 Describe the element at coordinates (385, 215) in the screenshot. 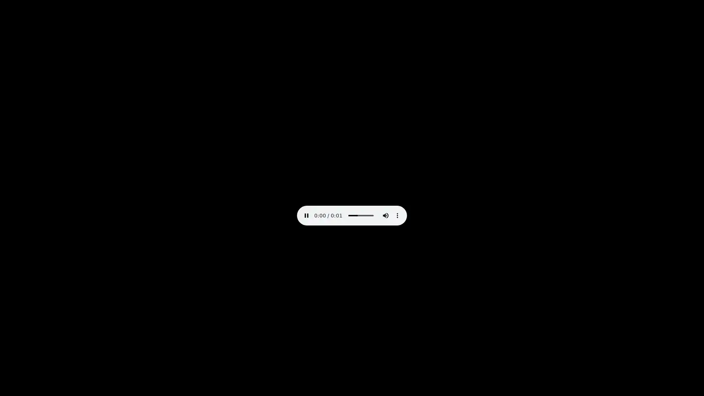

I see `mute` at that location.